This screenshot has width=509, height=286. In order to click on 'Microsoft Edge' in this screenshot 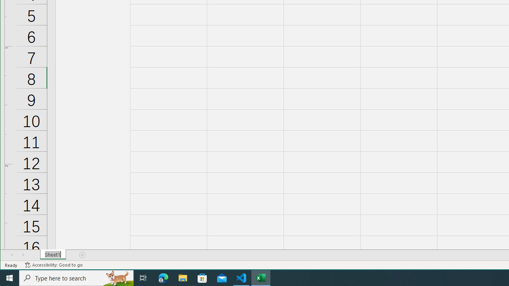, I will do `click(163, 277)`.